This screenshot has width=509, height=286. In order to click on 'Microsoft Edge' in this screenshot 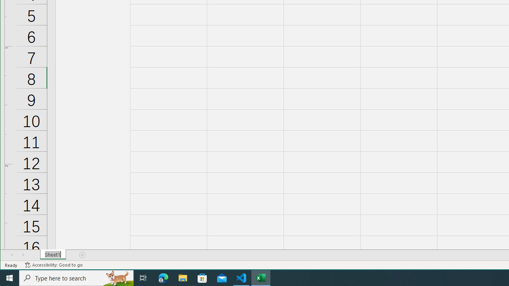, I will do `click(163, 277)`.